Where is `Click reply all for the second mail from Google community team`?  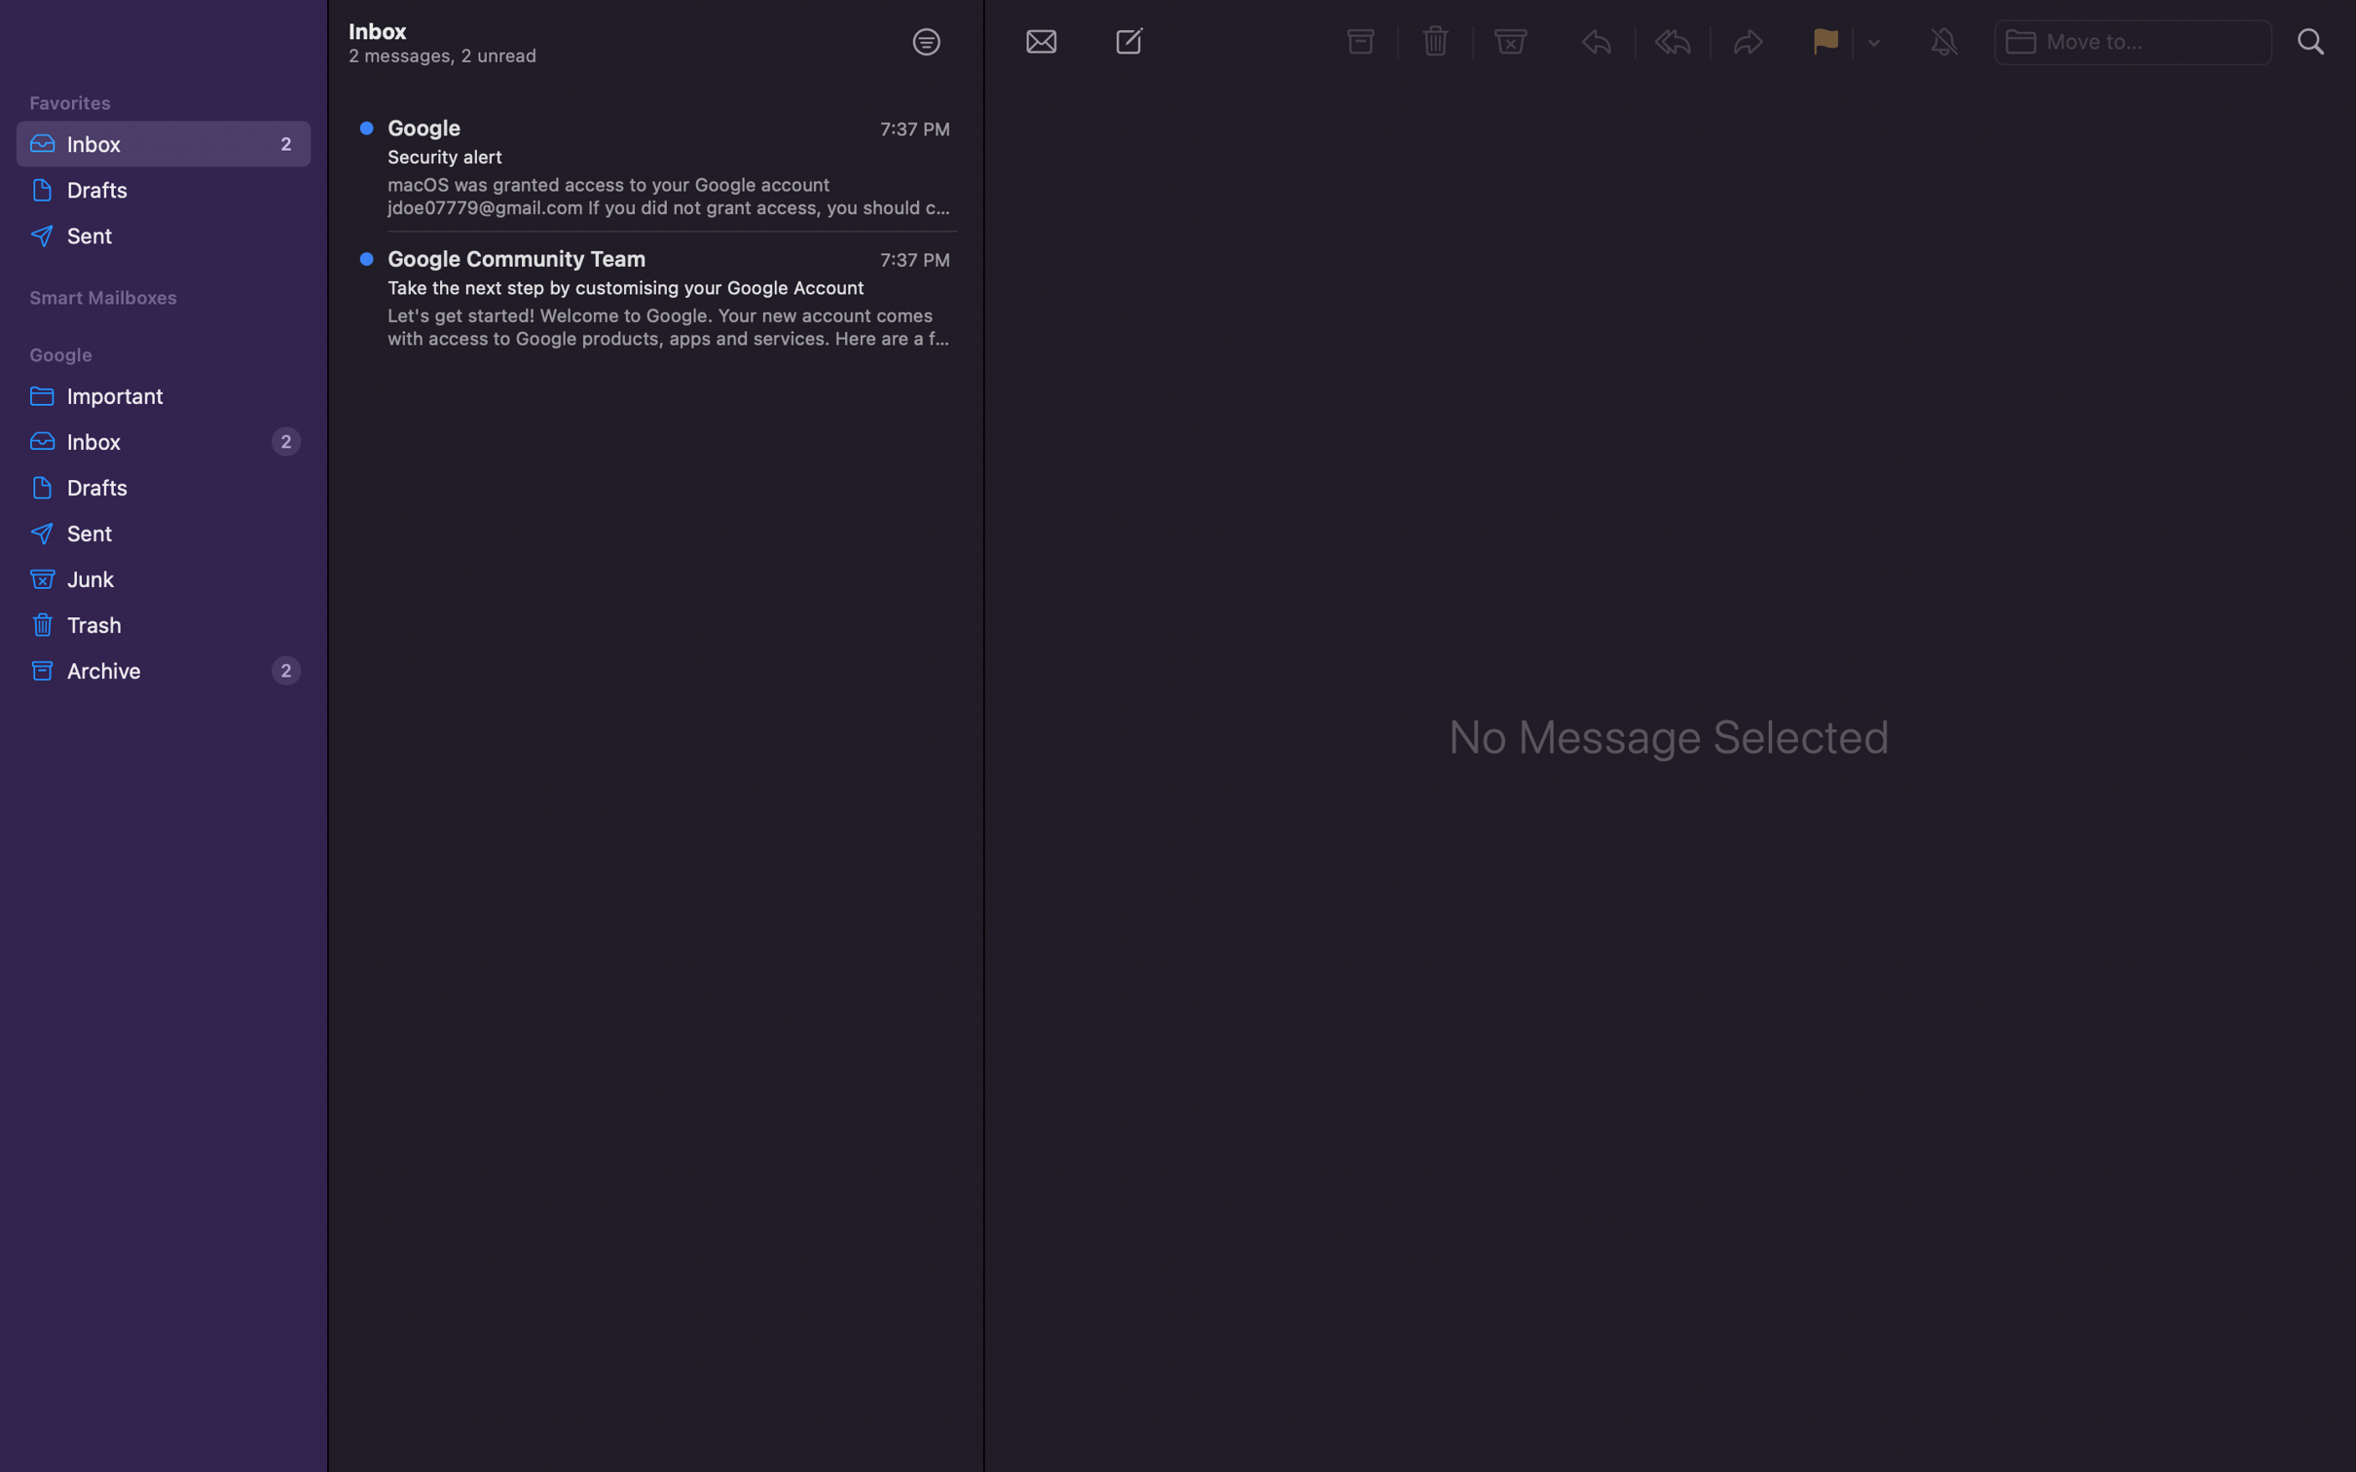 Click reply all for the second mail from Google community team is located at coordinates (658, 301).